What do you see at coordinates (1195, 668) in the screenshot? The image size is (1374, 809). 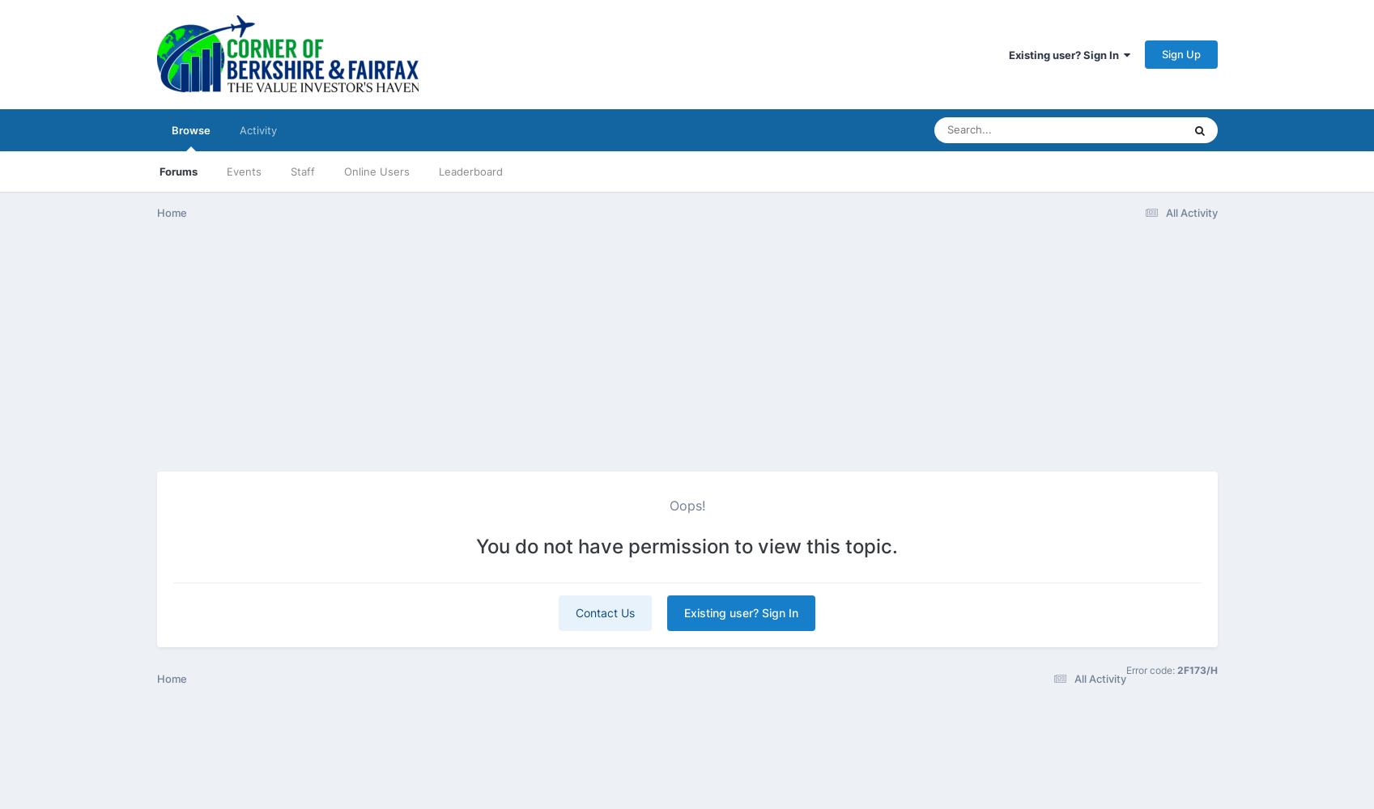 I see `'2F173/H'` at bounding box center [1195, 668].